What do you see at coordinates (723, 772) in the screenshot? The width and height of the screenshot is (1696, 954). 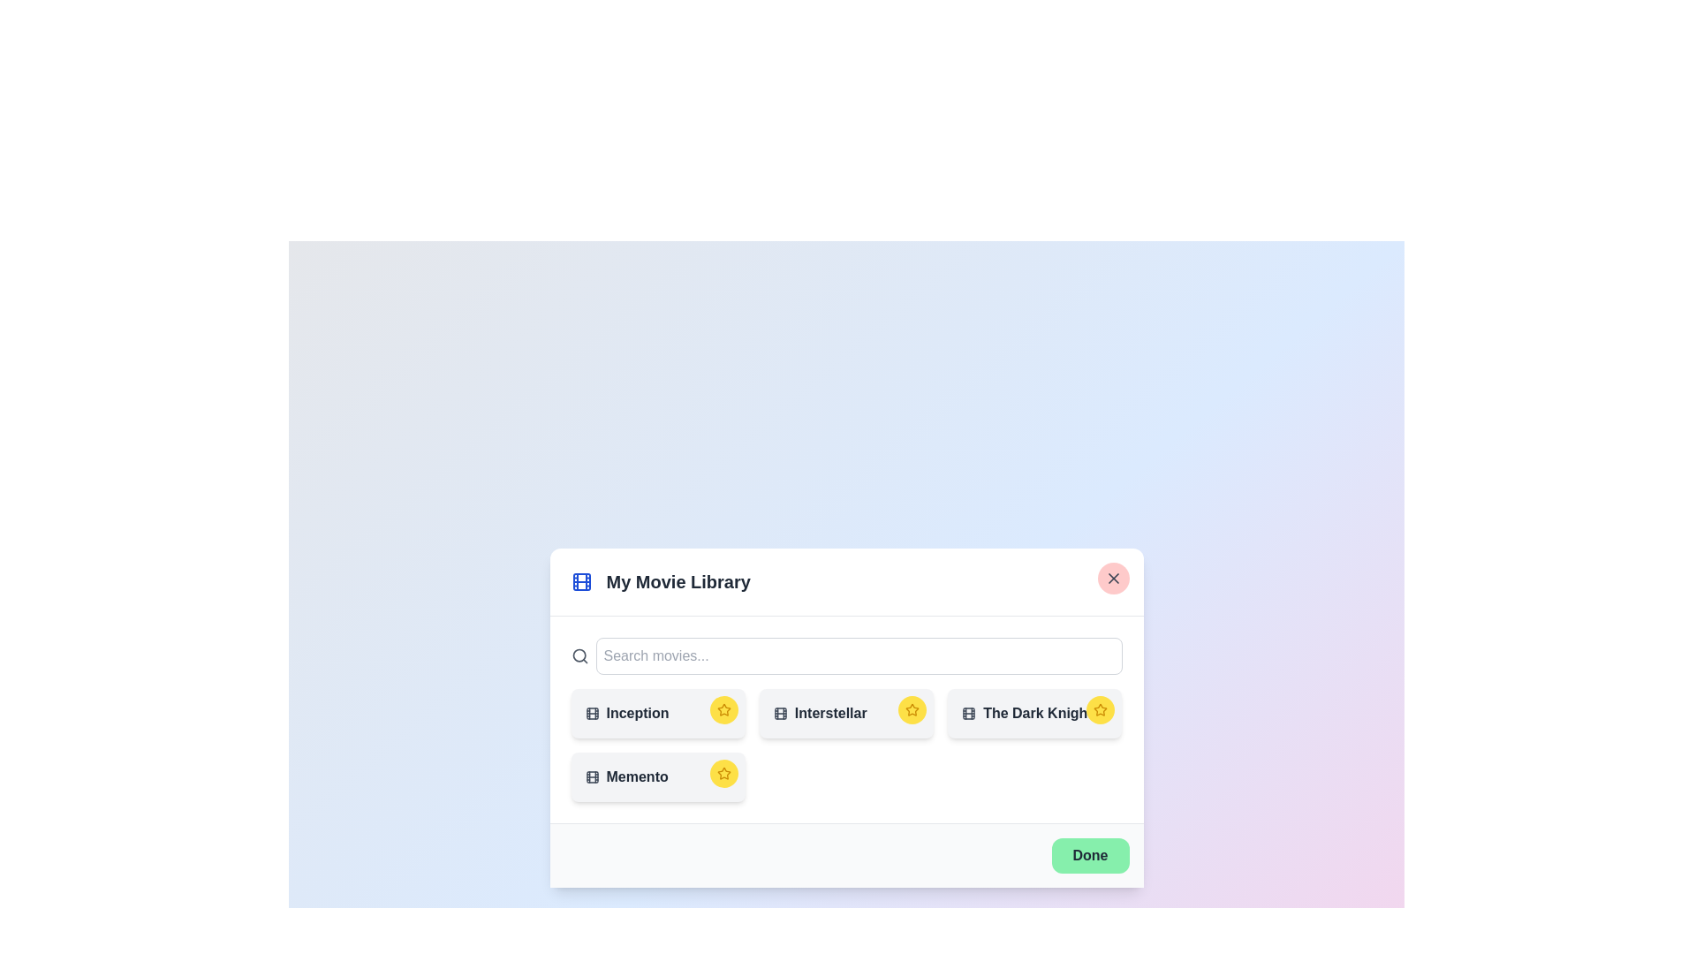 I see `the yellow star-shaped icon with a hollow interior adjacent to the label 'Interstellar' in the movie library interface` at bounding box center [723, 772].